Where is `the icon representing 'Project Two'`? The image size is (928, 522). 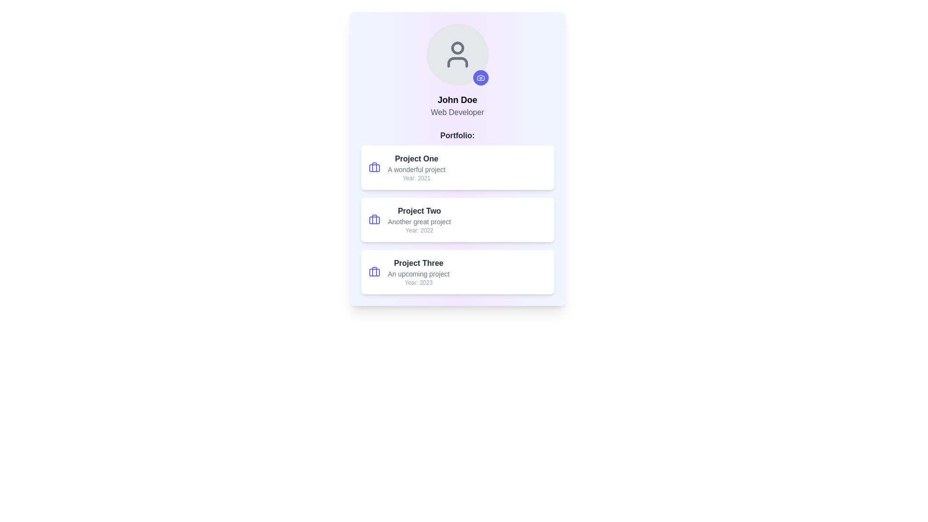 the icon representing 'Project Two' is located at coordinates (374, 220).